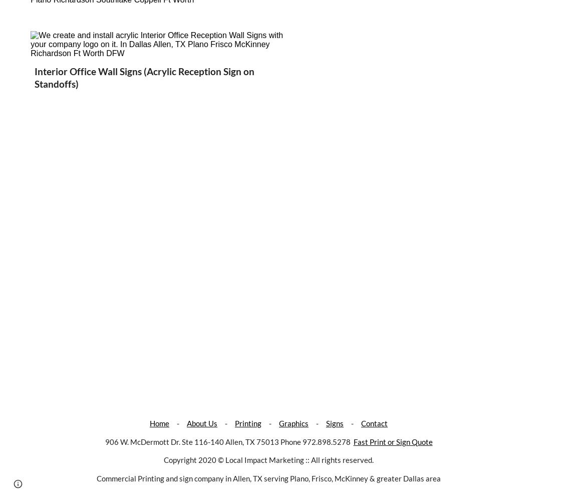  Describe the element at coordinates (325, 423) in the screenshot. I see `'Signs'` at that location.